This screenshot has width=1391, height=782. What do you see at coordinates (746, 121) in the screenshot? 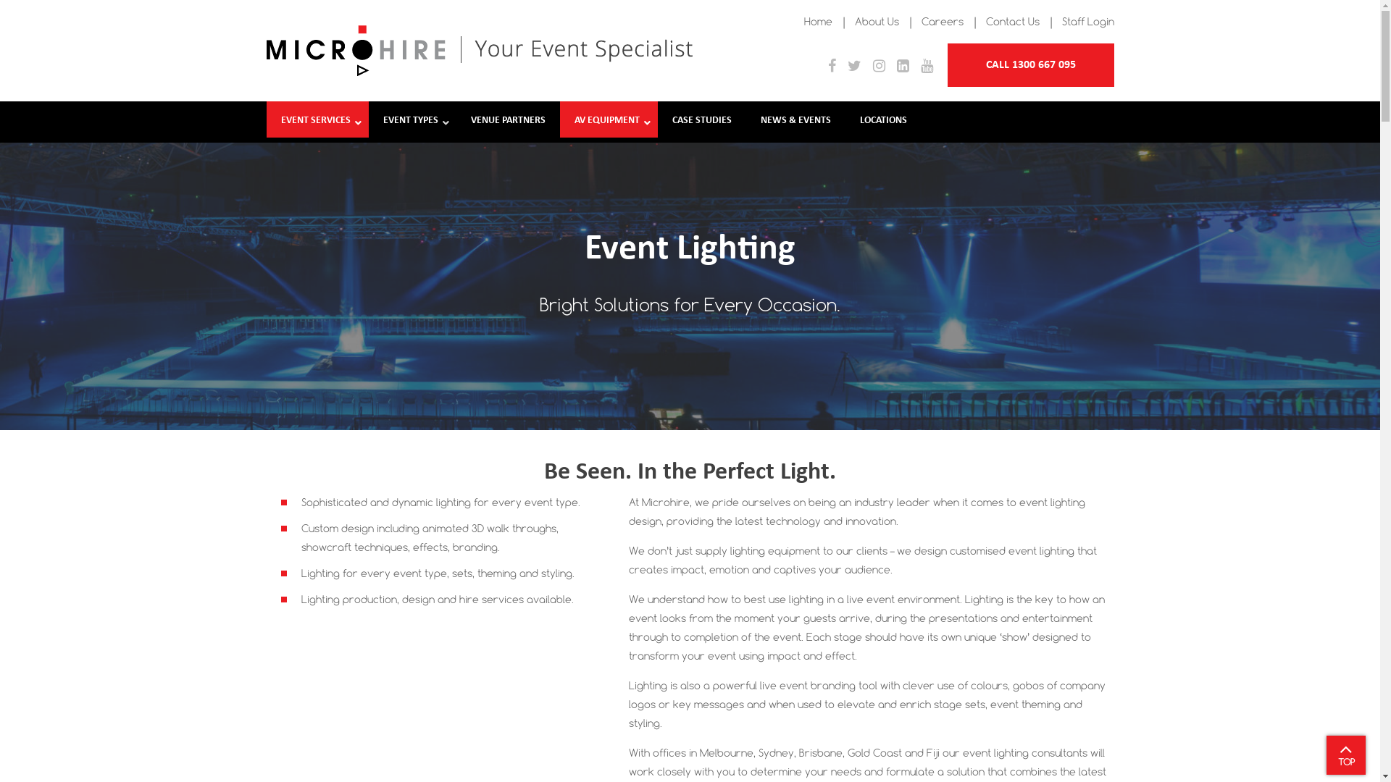
I see `'NEWS & EVENTS'` at bounding box center [746, 121].